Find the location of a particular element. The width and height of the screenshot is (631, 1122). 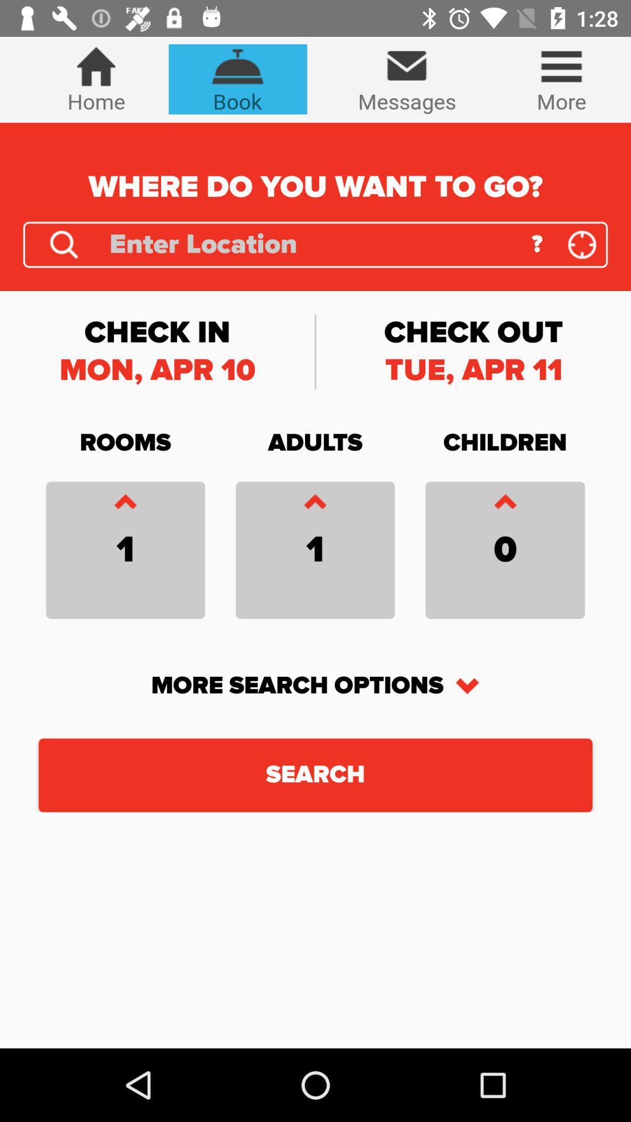

the icon to the right of the  ?  item is located at coordinates (582, 244).